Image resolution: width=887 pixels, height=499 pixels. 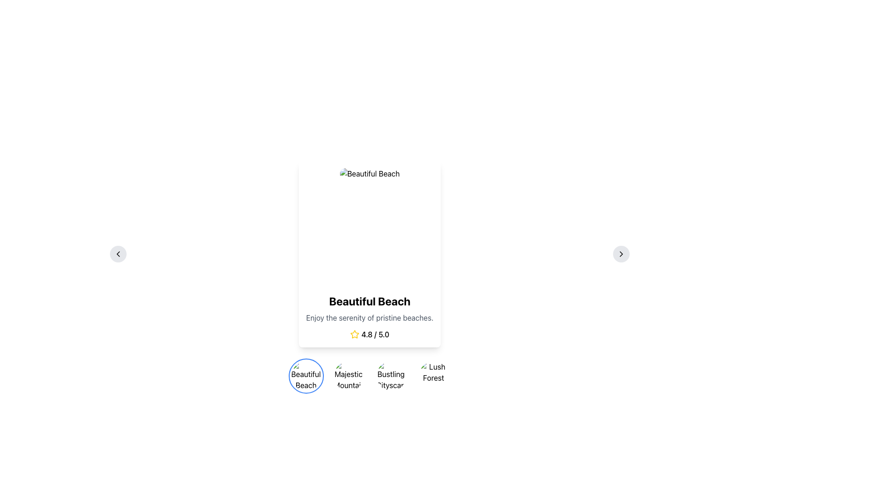 I want to click on the circular button with a light gray background and a leftward-pointing chevron icon, so click(x=117, y=254).